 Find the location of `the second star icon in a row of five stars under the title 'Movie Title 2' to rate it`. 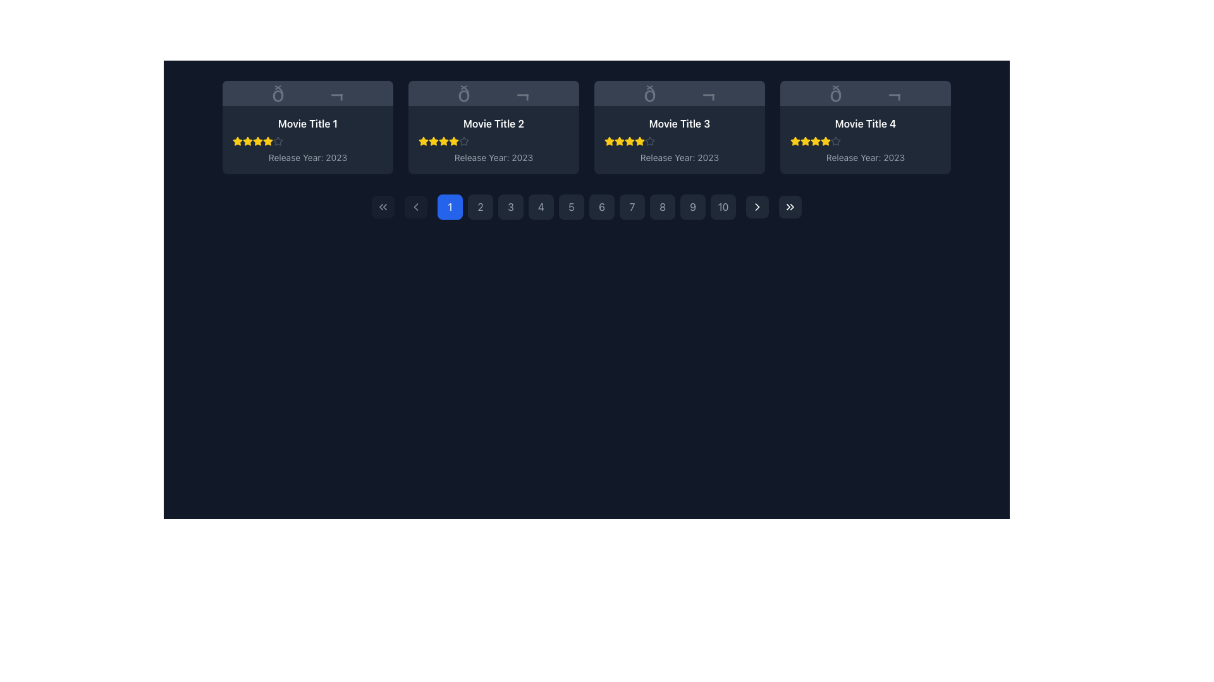

the second star icon in a row of five stars under the title 'Movie Title 2' to rate it is located at coordinates (434, 141).